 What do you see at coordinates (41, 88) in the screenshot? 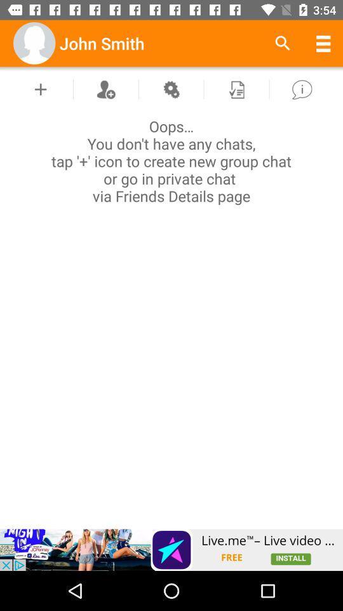
I see `chat` at bounding box center [41, 88].